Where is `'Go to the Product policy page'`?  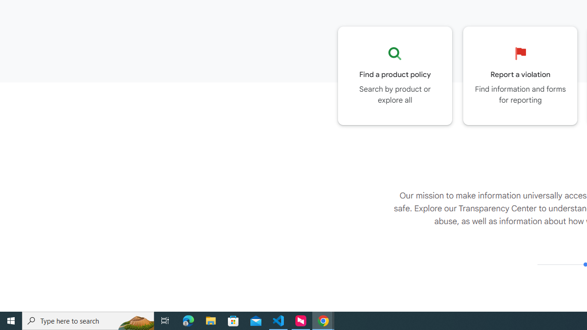
'Go to the Product policy page' is located at coordinates (395, 75).